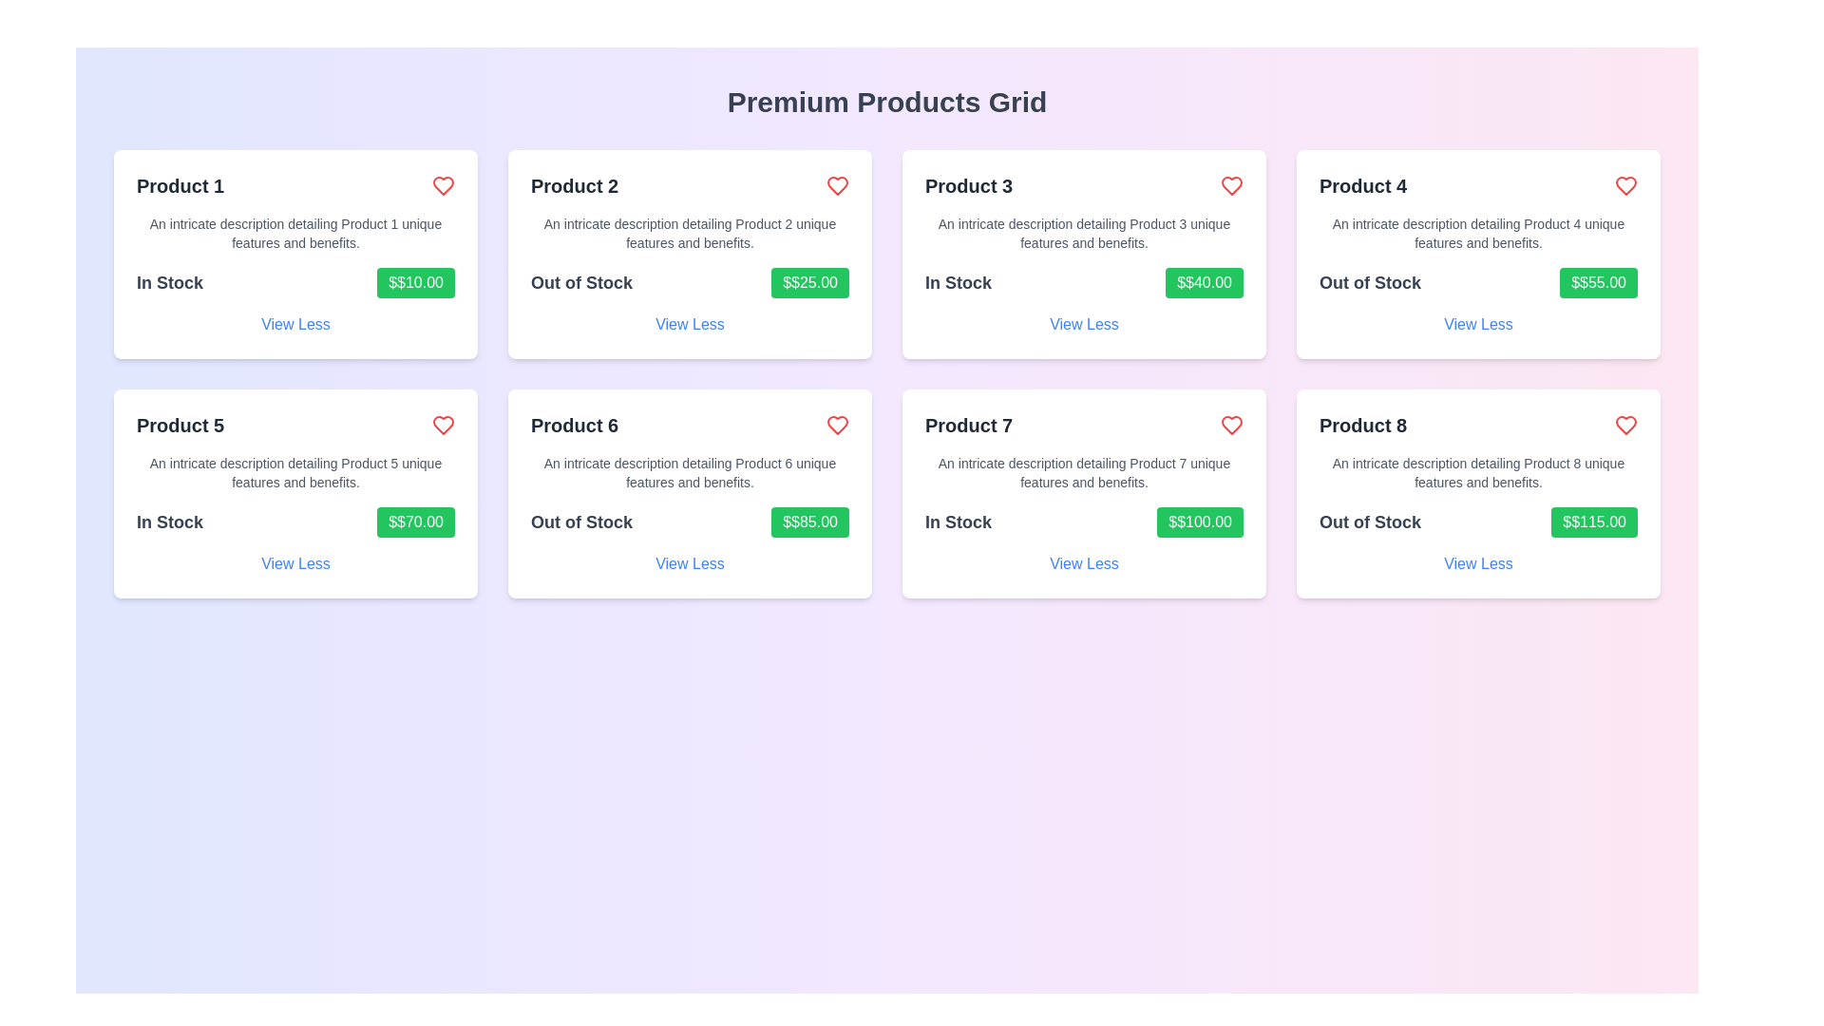 The width and height of the screenshot is (1824, 1026). I want to click on the product card displaying details of 'Product 5', located in the second row, first column of the grid layout, so click(294, 493).